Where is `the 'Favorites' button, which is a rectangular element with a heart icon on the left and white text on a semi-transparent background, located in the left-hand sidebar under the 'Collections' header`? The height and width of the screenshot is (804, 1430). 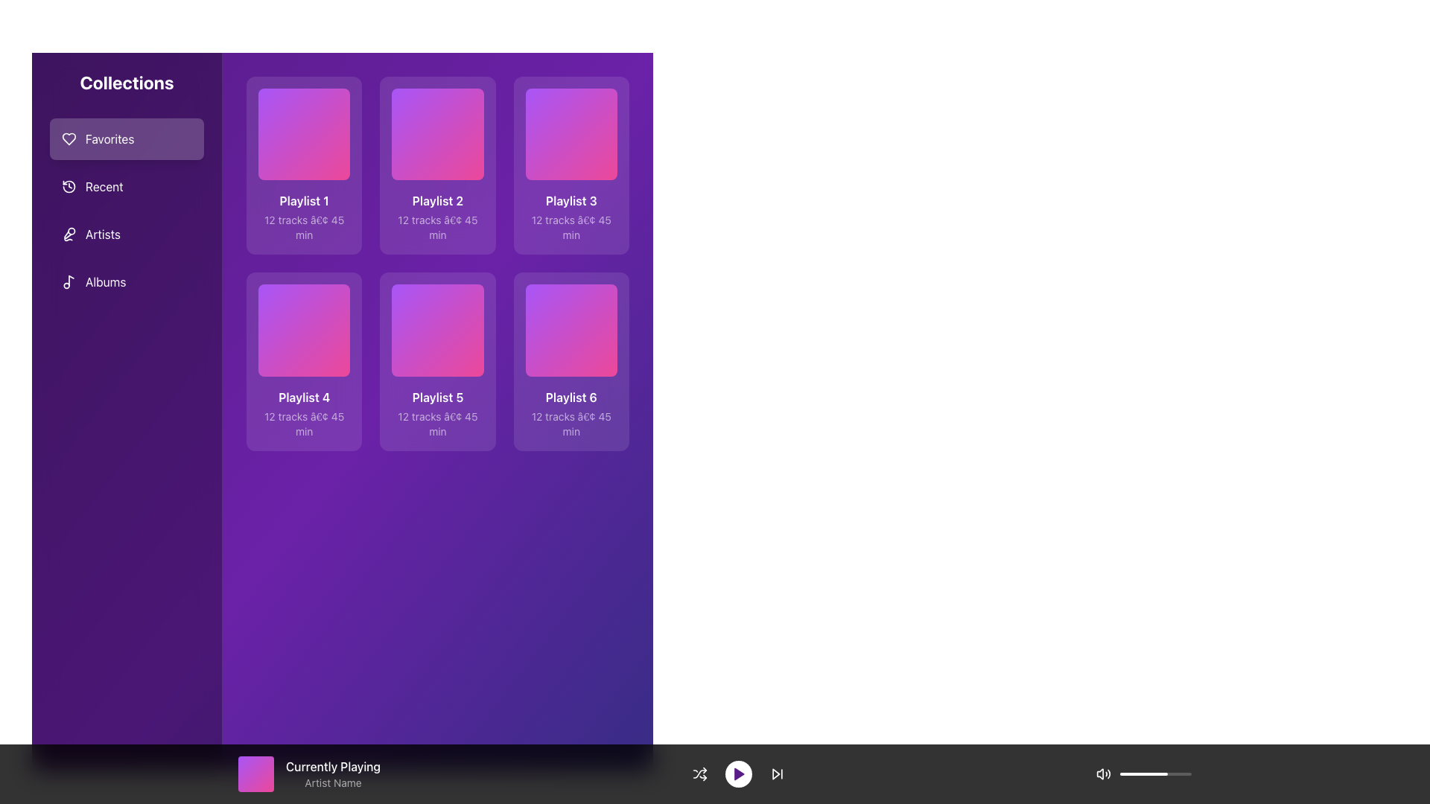 the 'Favorites' button, which is a rectangular element with a heart icon on the left and white text on a semi-transparent background, located in the left-hand sidebar under the 'Collections' header is located at coordinates (127, 138).